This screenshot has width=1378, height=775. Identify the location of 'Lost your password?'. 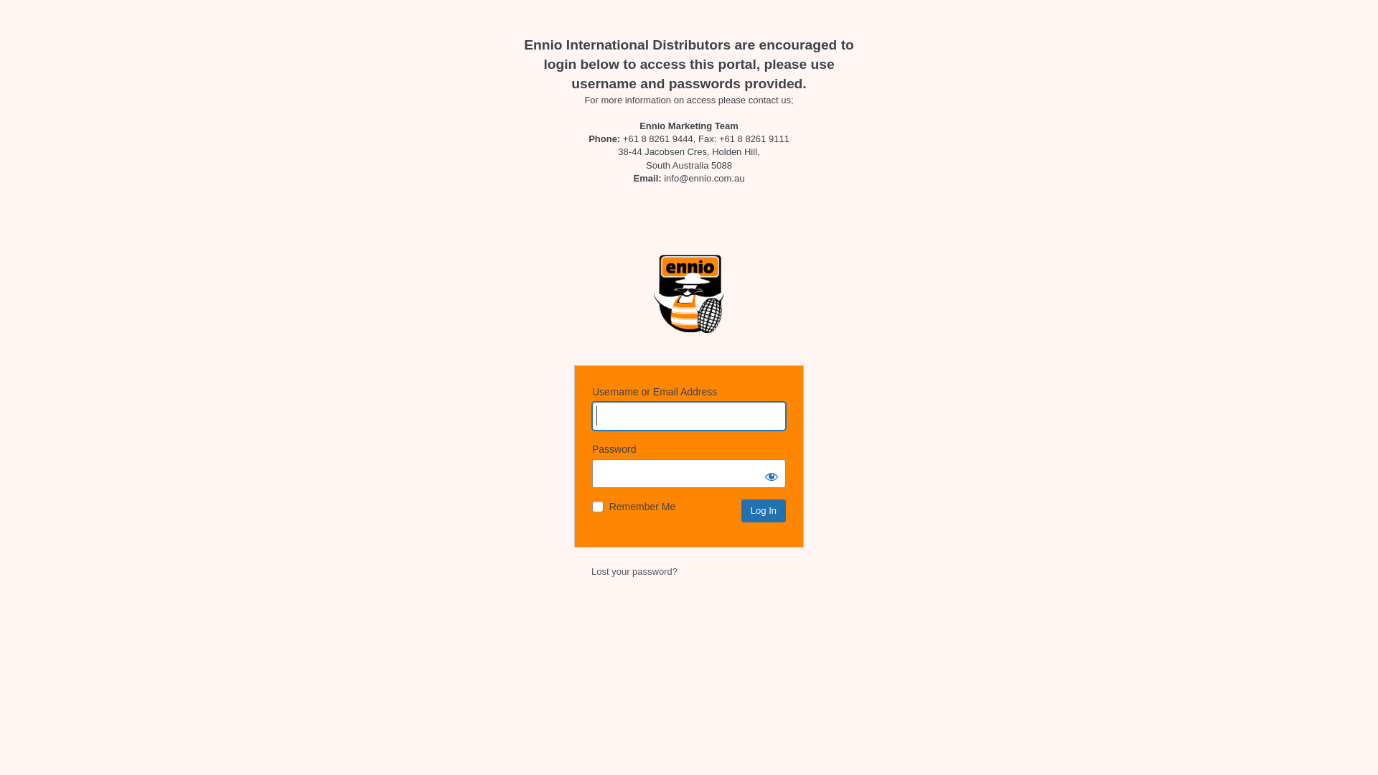
(591, 570).